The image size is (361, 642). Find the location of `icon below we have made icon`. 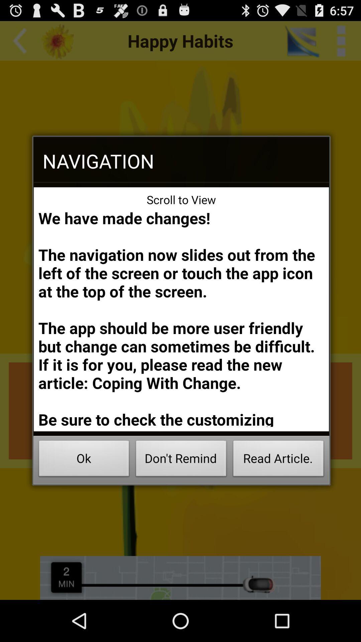

icon below we have made icon is located at coordinates (278, 460).